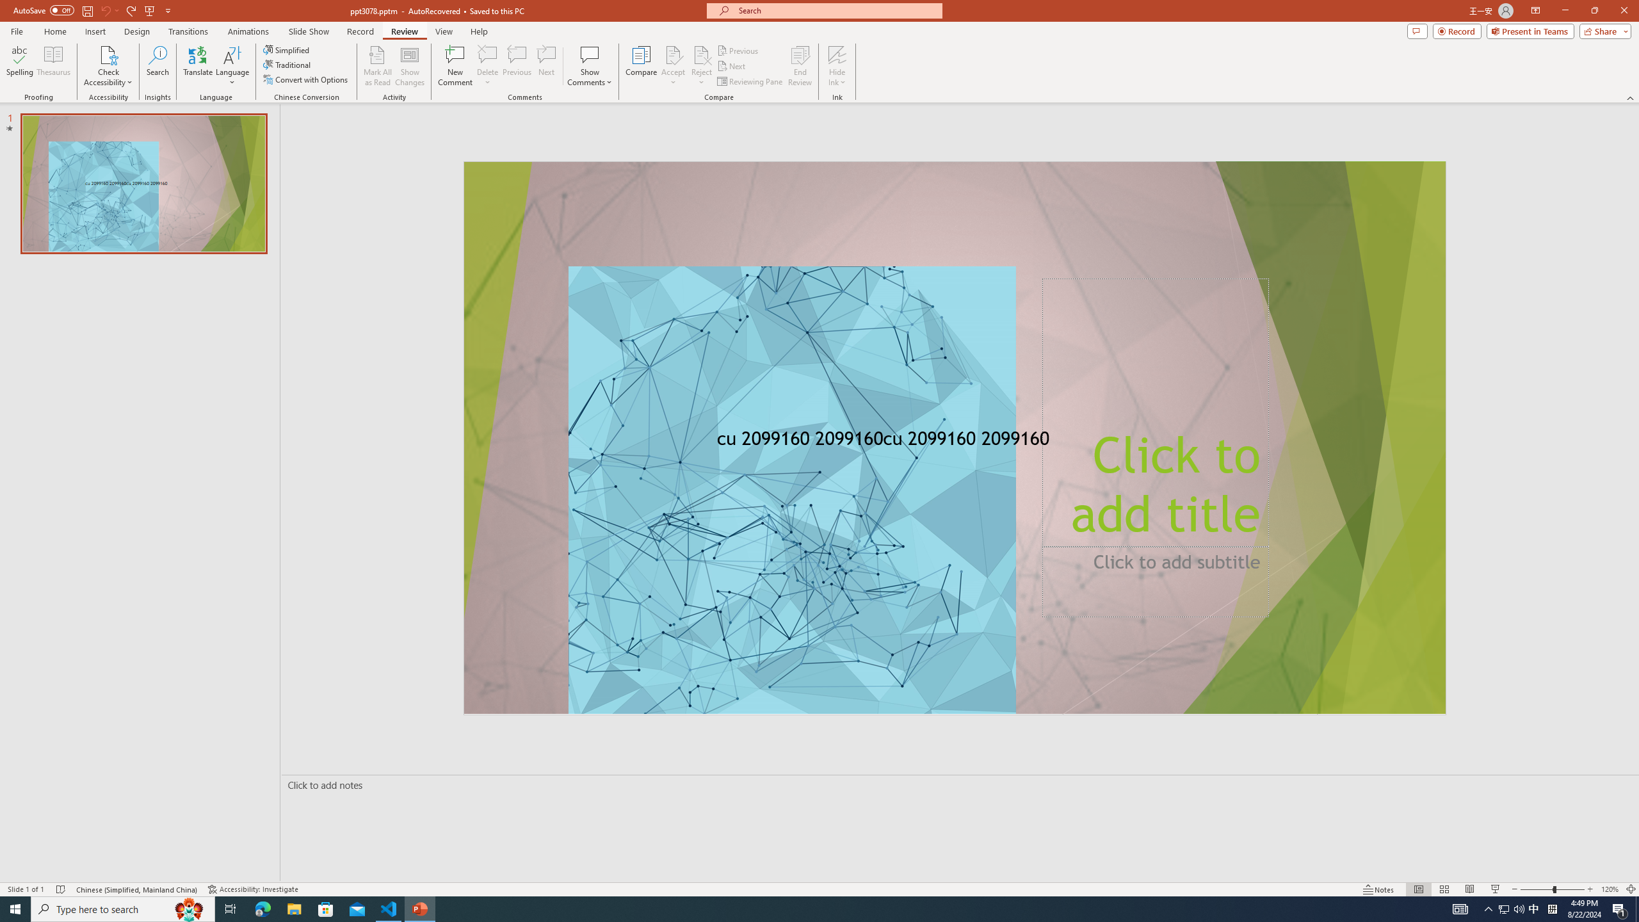 Image resolution: width=1639 pixels, height=922 pixels. Describe the element at coordinates (287, 49) in the screenshot. I see `'Simplified'` at that location.